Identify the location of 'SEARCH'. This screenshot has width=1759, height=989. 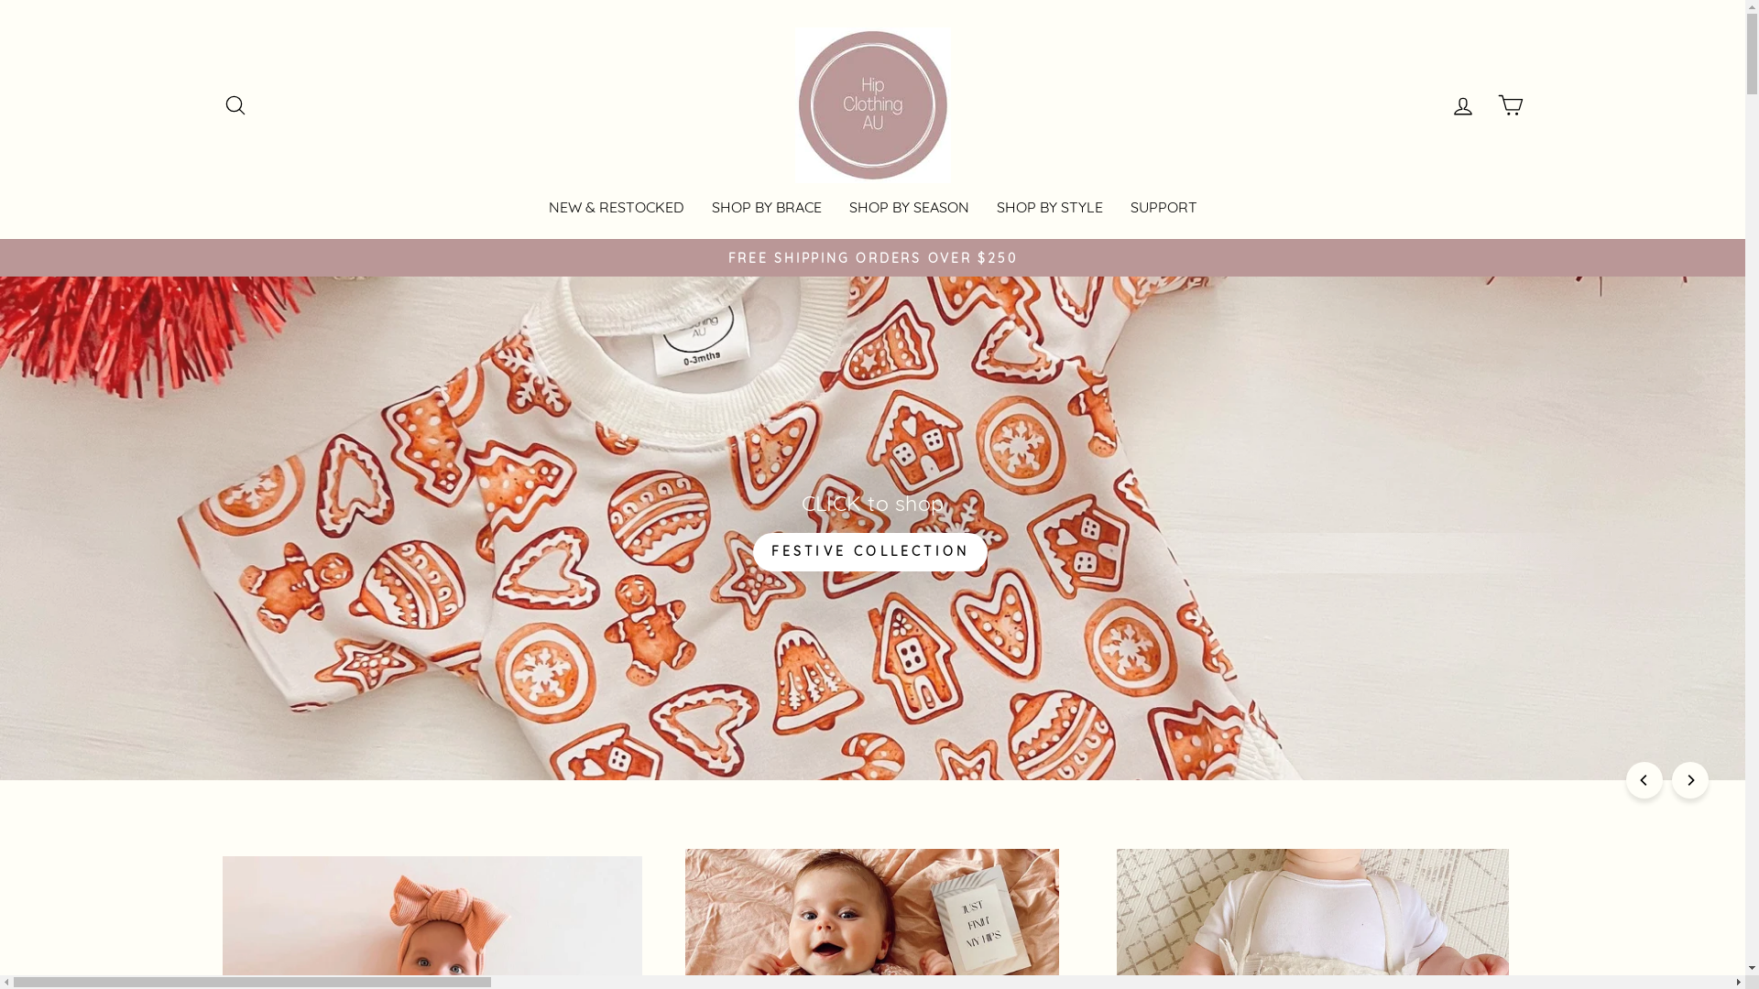
(211, 105).